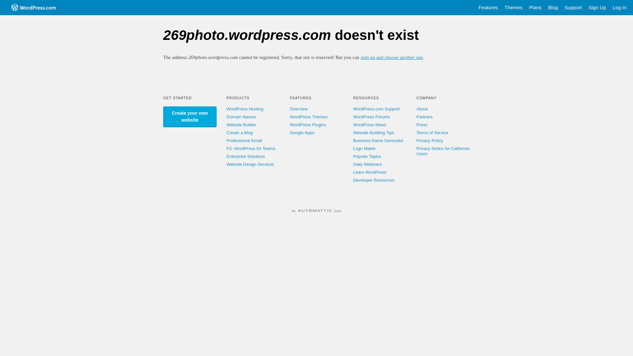  I want to click on 'Partners', so click(416, 116).